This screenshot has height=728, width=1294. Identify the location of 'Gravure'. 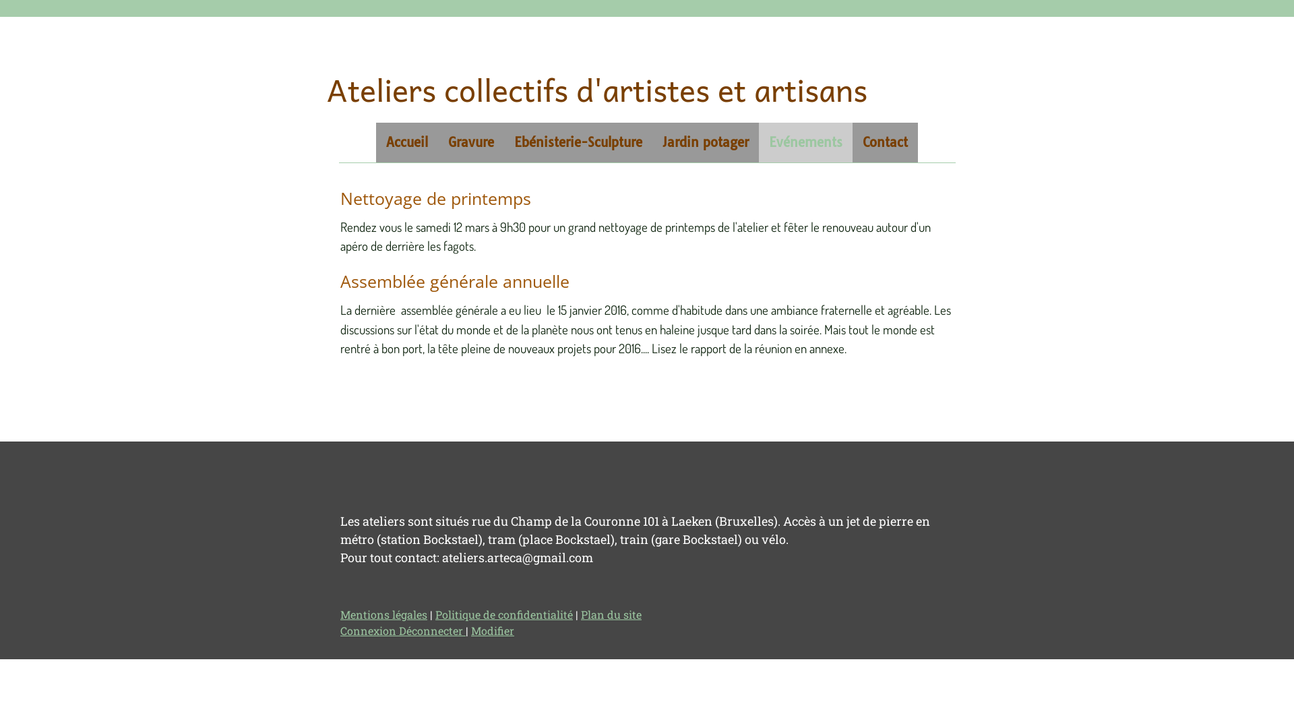
(471, 142).